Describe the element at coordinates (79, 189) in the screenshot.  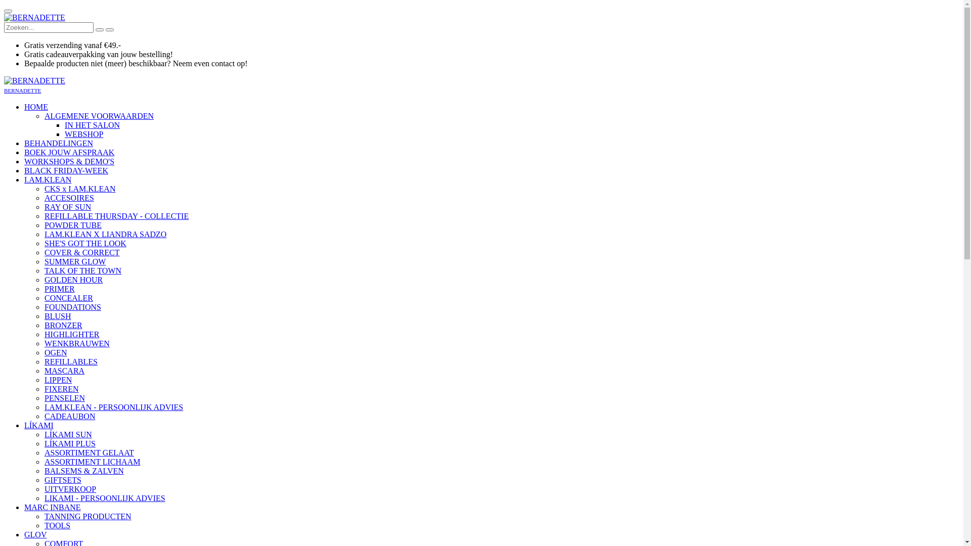
I see `'CKS x I.AM.KLEAN'` at that location.